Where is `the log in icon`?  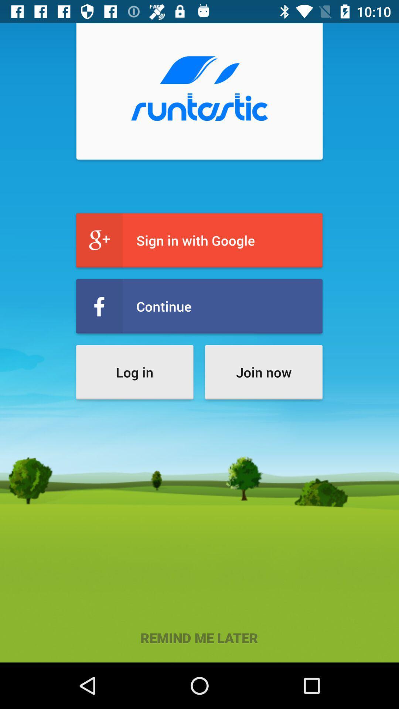 the log in icon is located at coordinates (134, 372).